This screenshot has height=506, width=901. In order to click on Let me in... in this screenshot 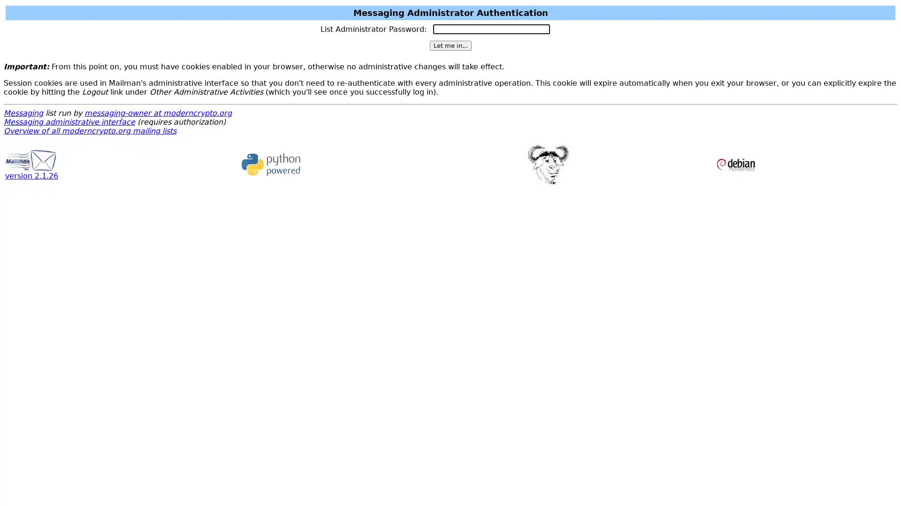, I will do `click(450, 45)`.